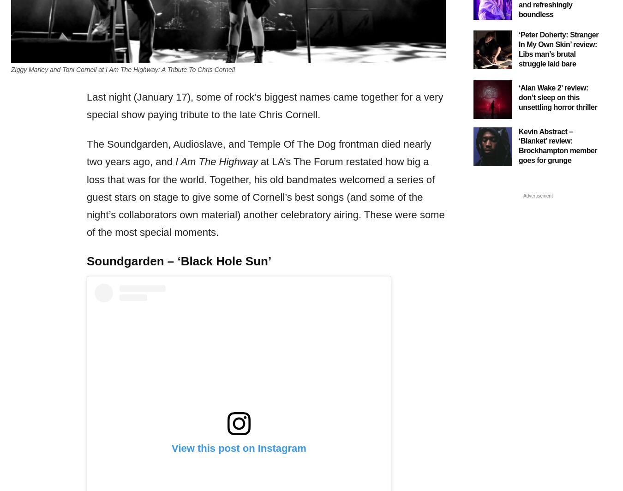 The image size is (623, 491). I want to click on 'I Am The Highway', so click(216, 162).